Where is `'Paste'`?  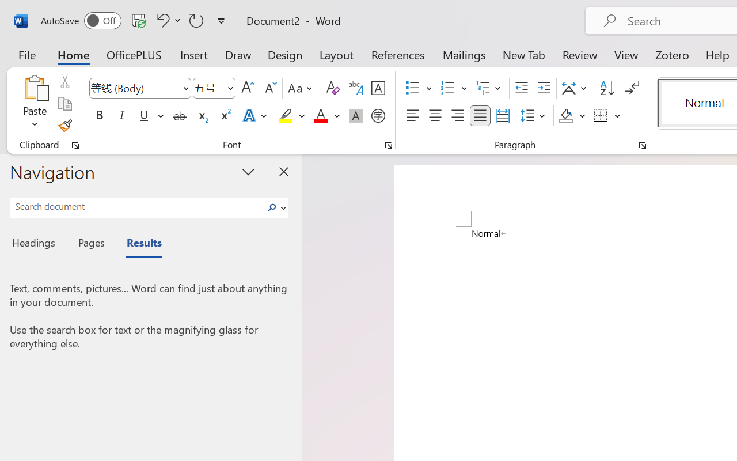 'Paste' is located at coordinates (35, 87).